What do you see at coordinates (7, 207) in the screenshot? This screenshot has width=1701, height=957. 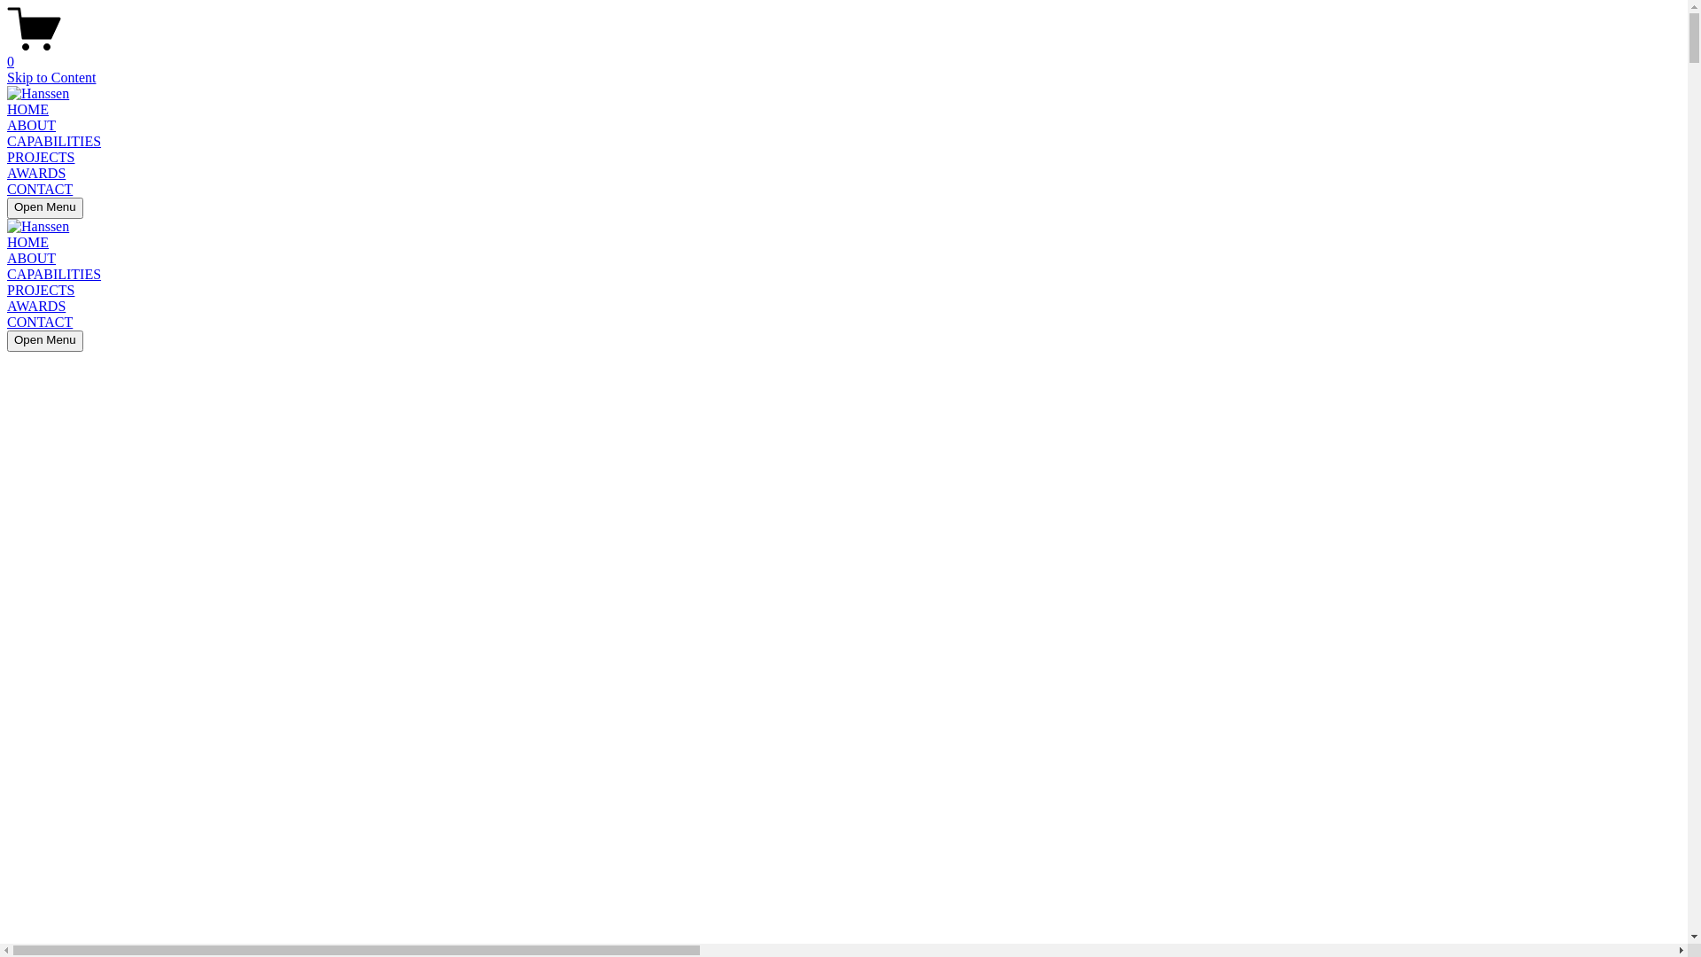 I see `'Open Menu'` at bounding box center [7, 207].